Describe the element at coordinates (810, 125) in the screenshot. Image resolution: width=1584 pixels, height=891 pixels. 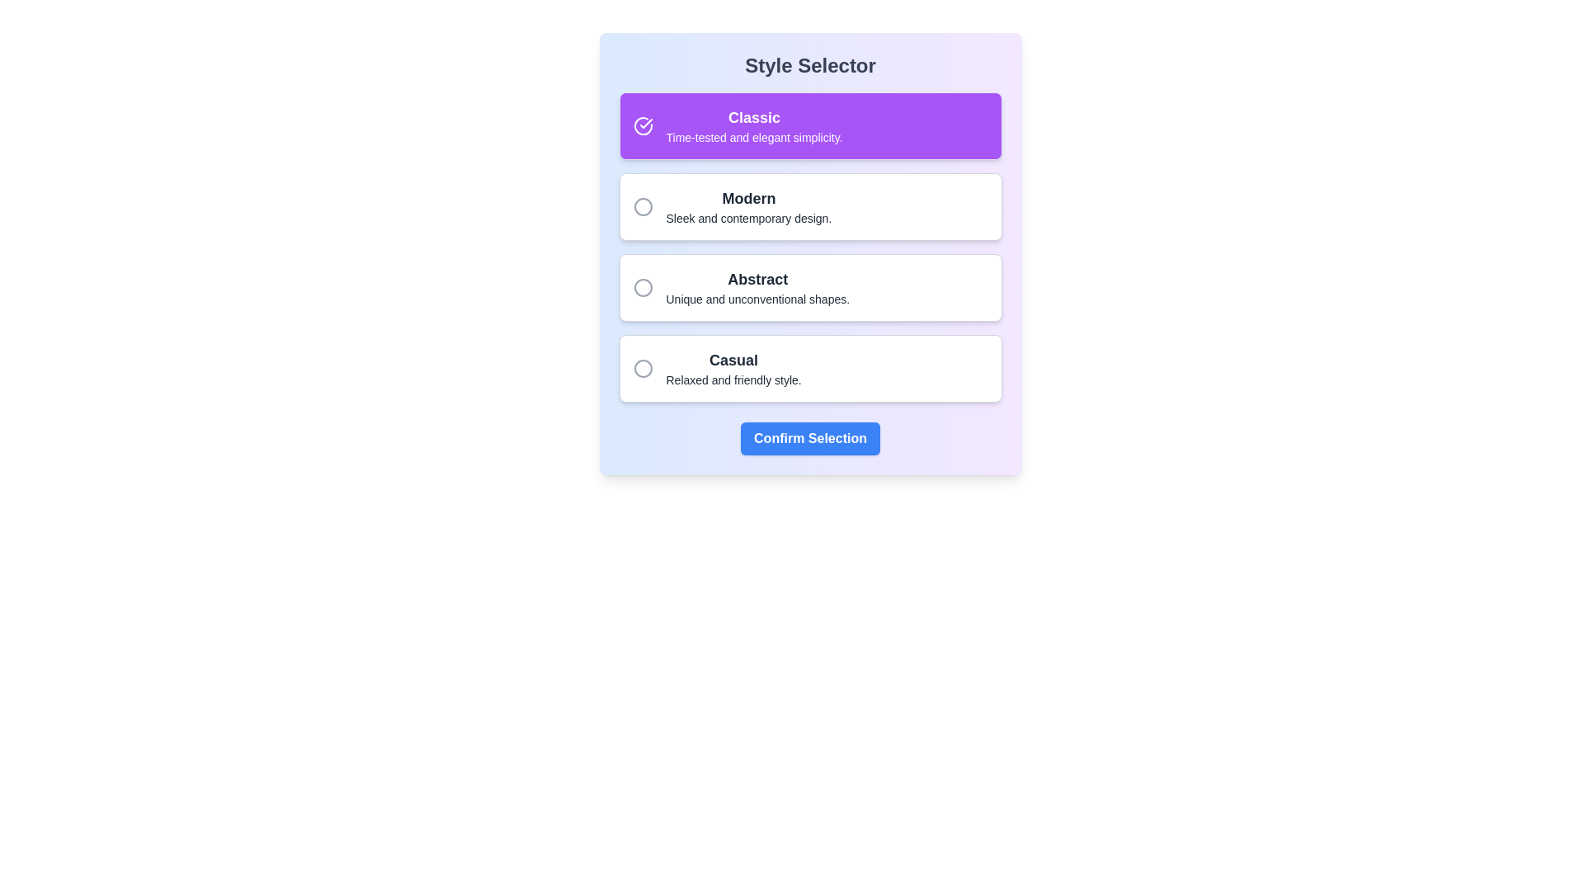
I see `the 'Classic' style Selectable Card, which is the first option in the vertical list of styled cards within the 'Style Selector' component` at that location.